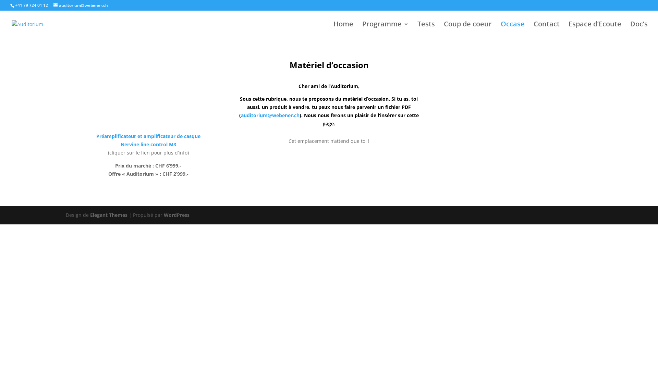 The height and width of the screenshot is (370, 658). What do you see at coordinates (343, 29) in the screenshot?
I see `'Home'` at bounding box center [343, 29].